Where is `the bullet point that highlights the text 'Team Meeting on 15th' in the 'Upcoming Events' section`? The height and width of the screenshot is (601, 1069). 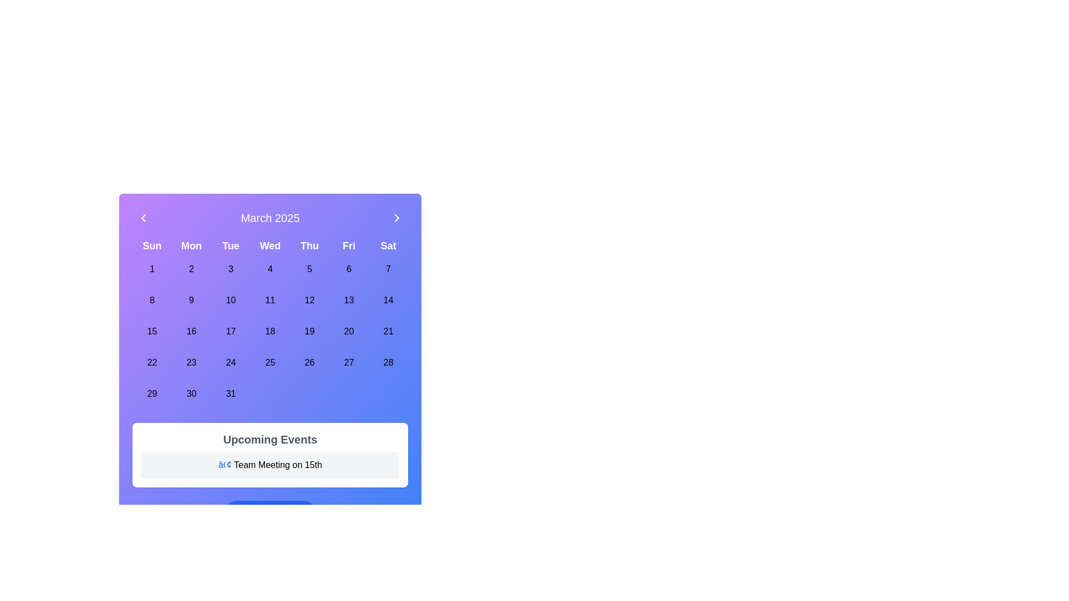
the bullet point that highlights the text 'Team Meeting on 15th' in the 'Upcoming Events' section is located at coordinates (224, 465).